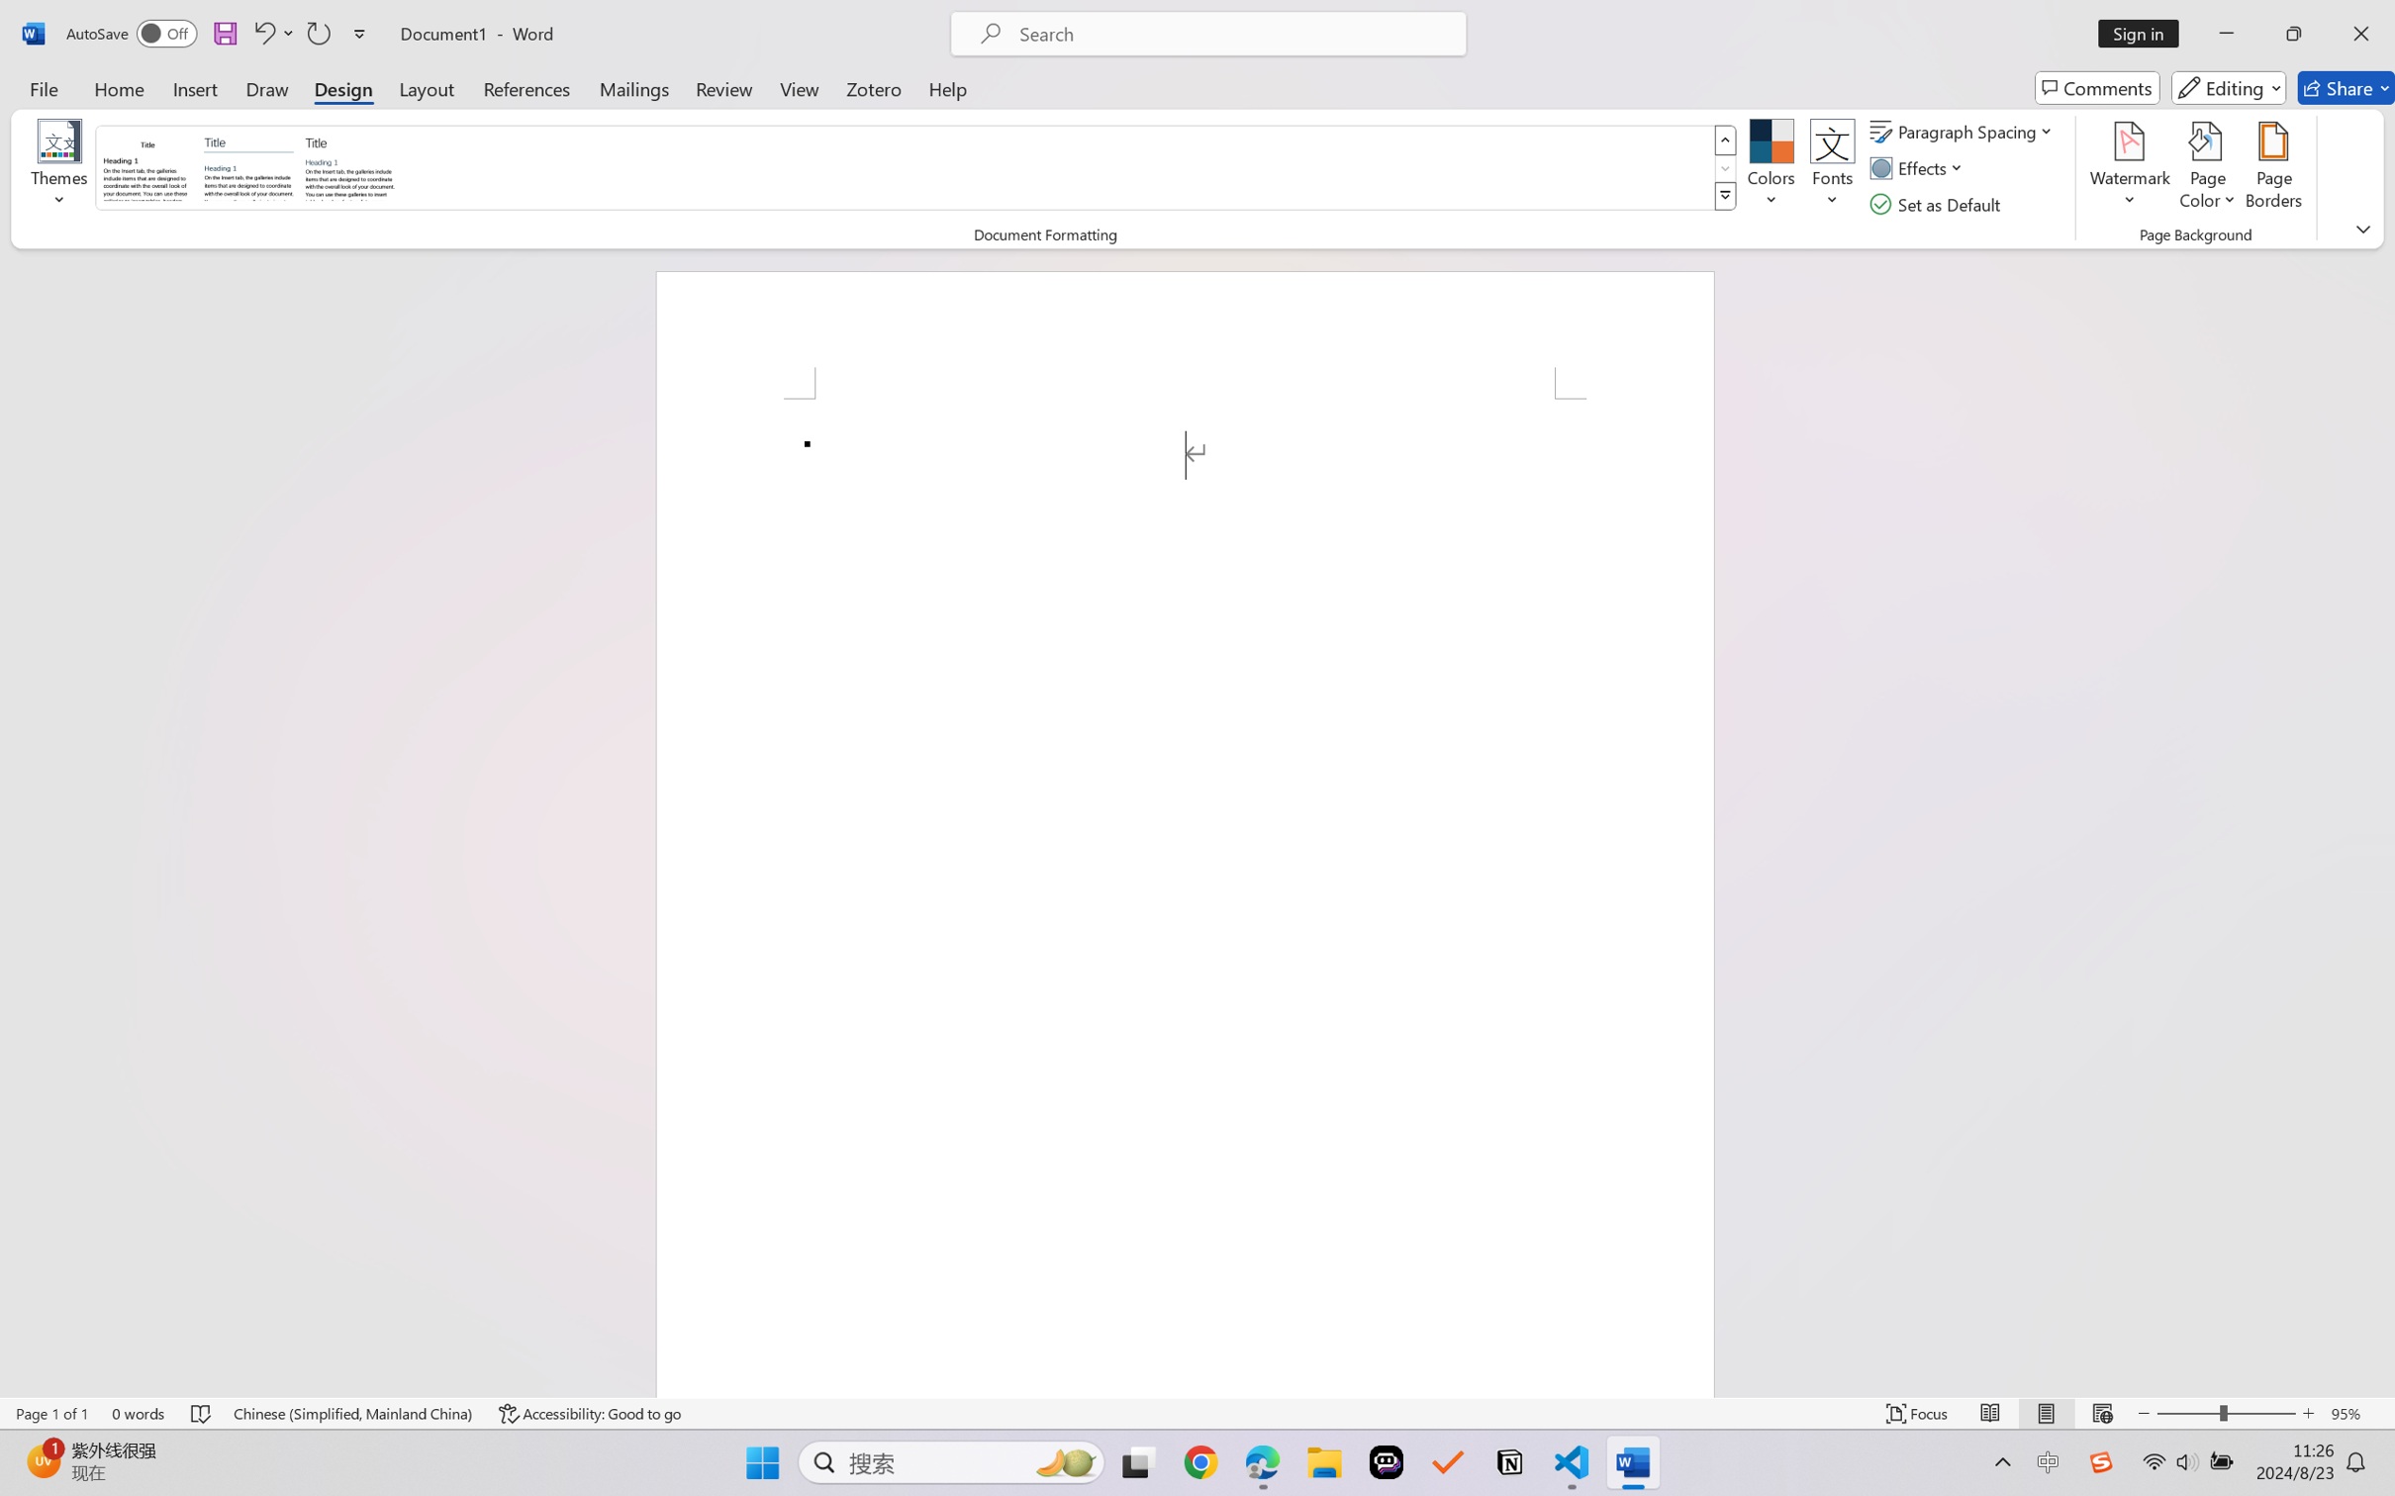  What do you see at coordinates (317, 33) in the screenshot?
I see `'Repeat Style'` at bounding box center [317, 33].